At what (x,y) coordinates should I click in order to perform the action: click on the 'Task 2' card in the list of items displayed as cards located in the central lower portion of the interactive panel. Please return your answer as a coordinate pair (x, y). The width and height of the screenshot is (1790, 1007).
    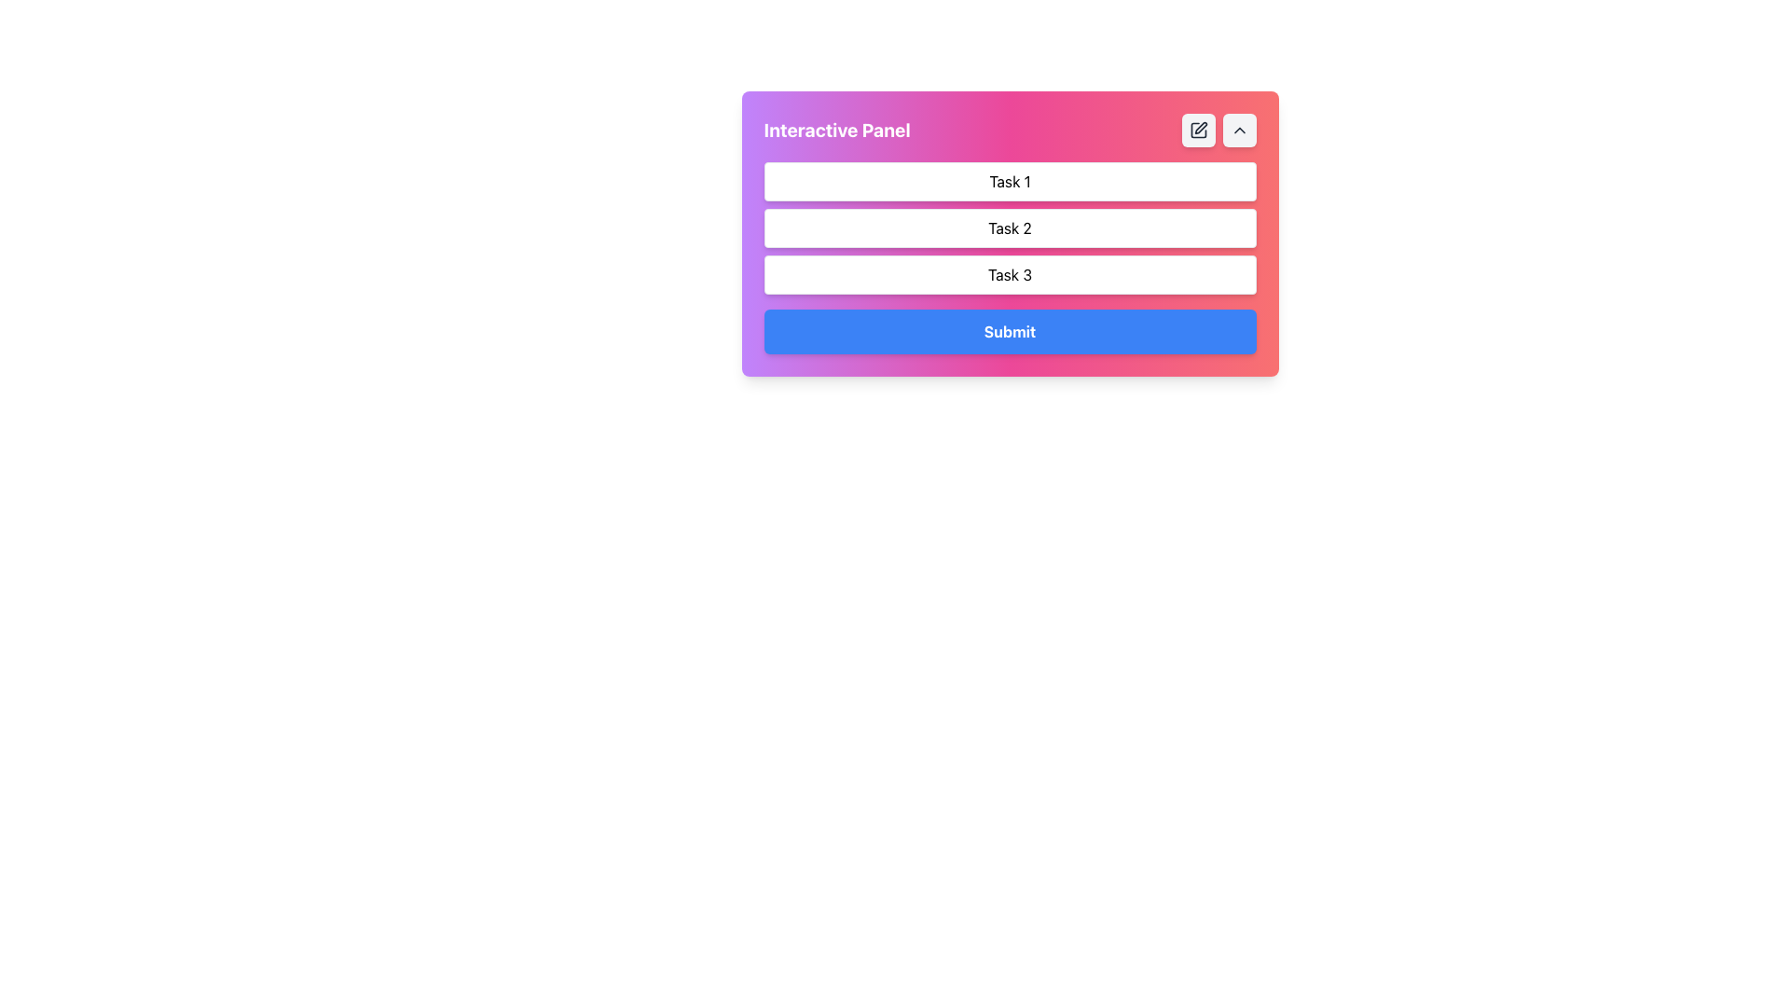
    Looking at the image, I should click on (1009, 228).